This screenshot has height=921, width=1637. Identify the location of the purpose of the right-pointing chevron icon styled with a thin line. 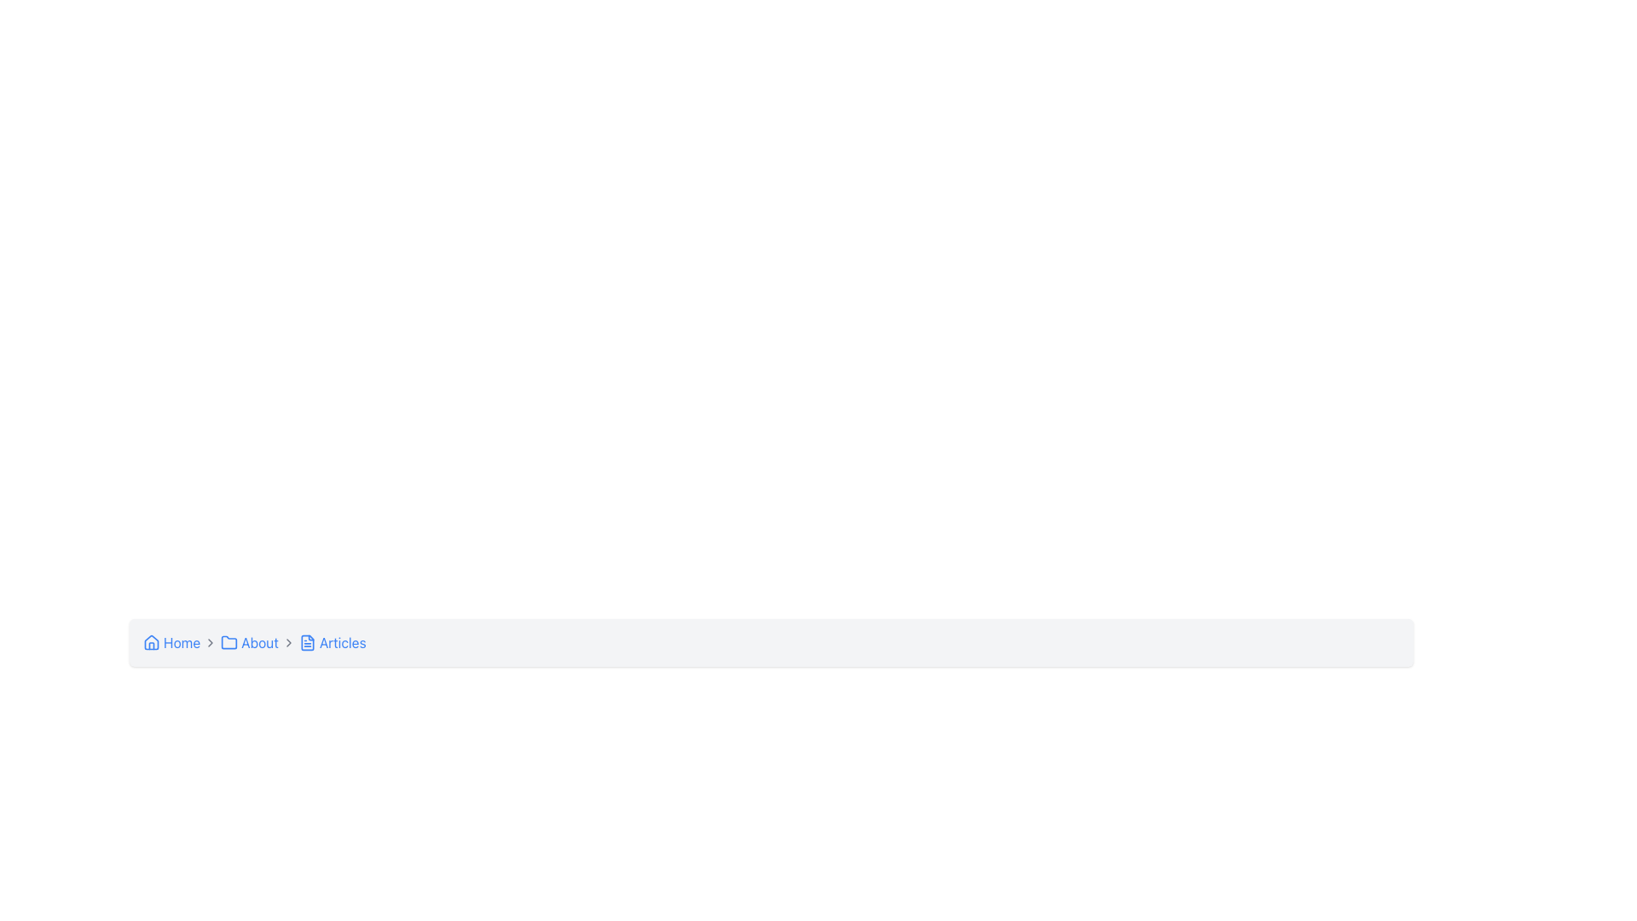
(210, 642).